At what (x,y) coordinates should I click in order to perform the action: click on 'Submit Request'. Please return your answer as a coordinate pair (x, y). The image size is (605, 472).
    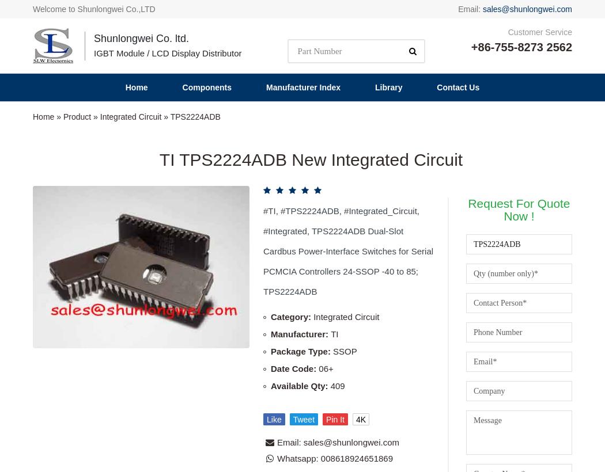
    Looking at the image, I should click on (490, 256).